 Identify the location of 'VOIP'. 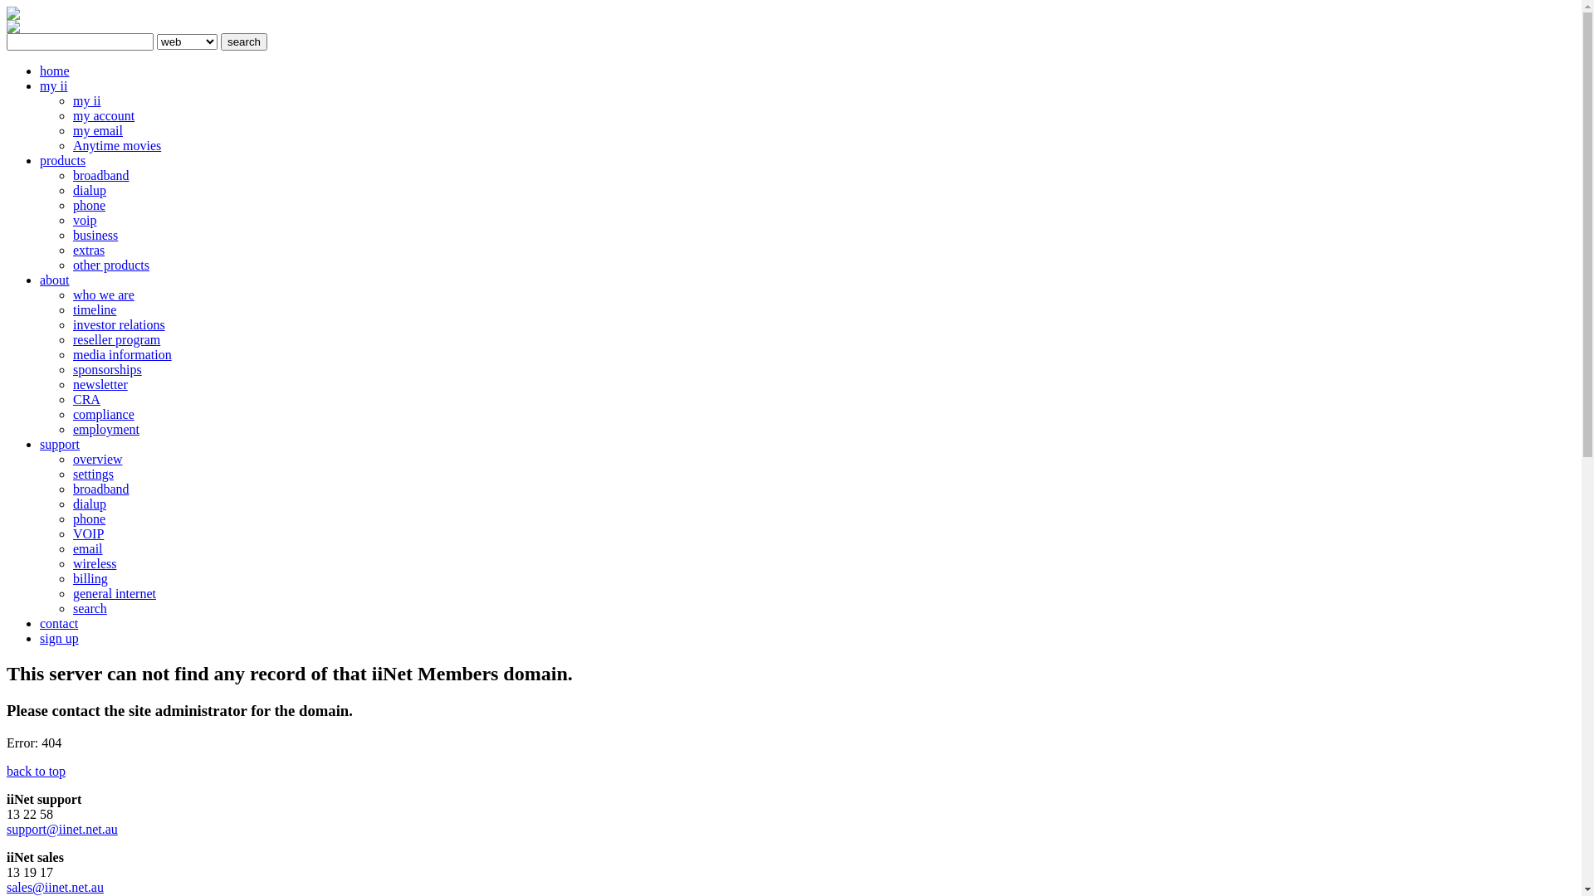
(87, 533).